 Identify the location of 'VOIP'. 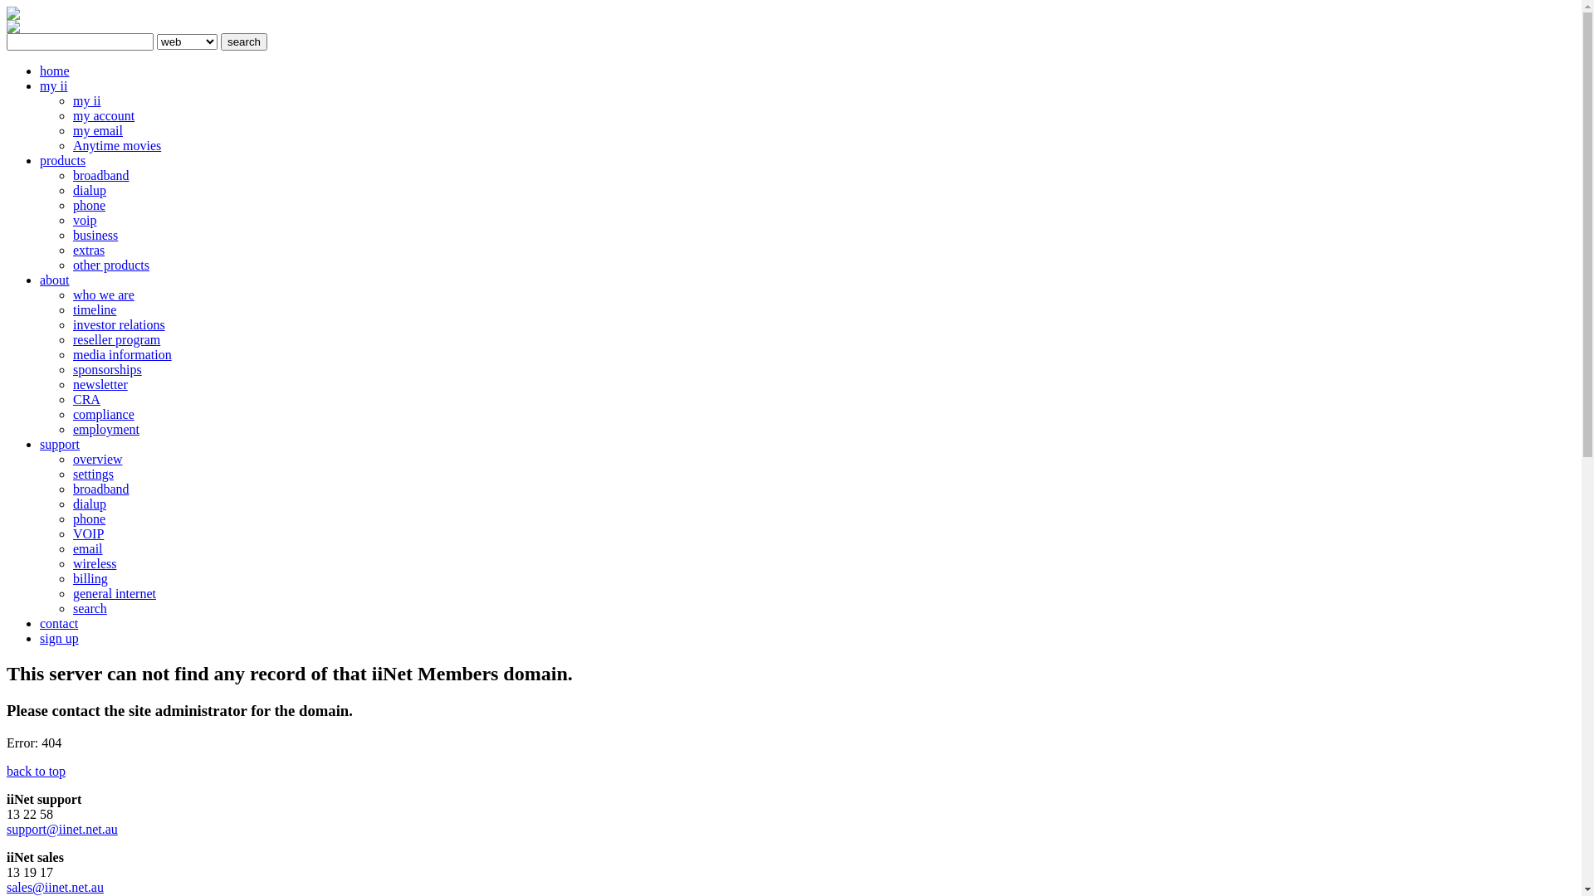
(87, 533).